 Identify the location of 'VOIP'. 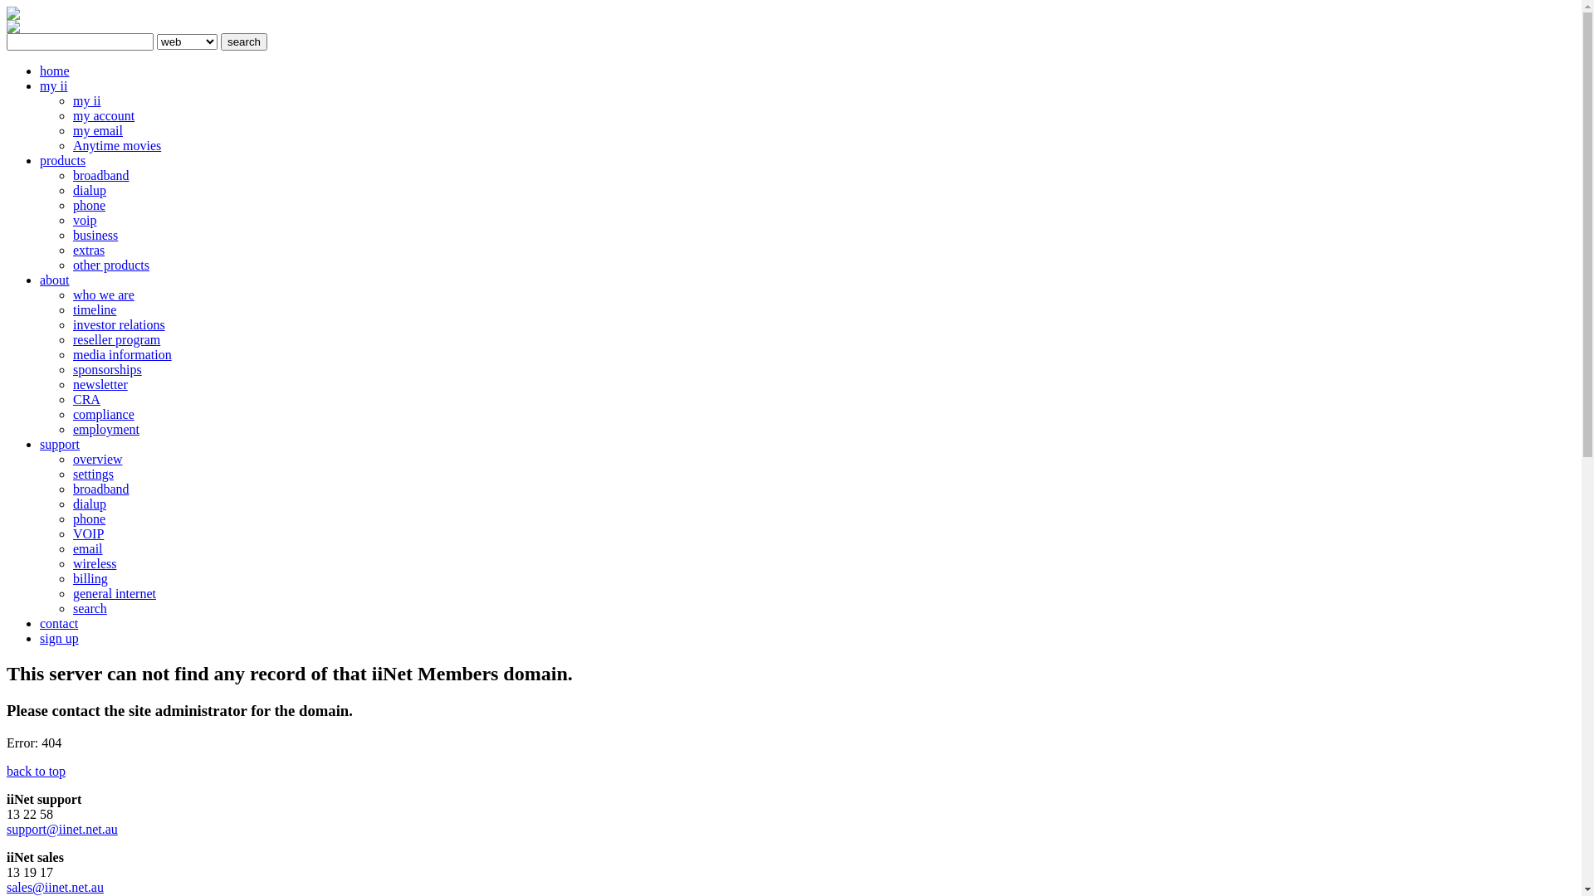
(87, 533).